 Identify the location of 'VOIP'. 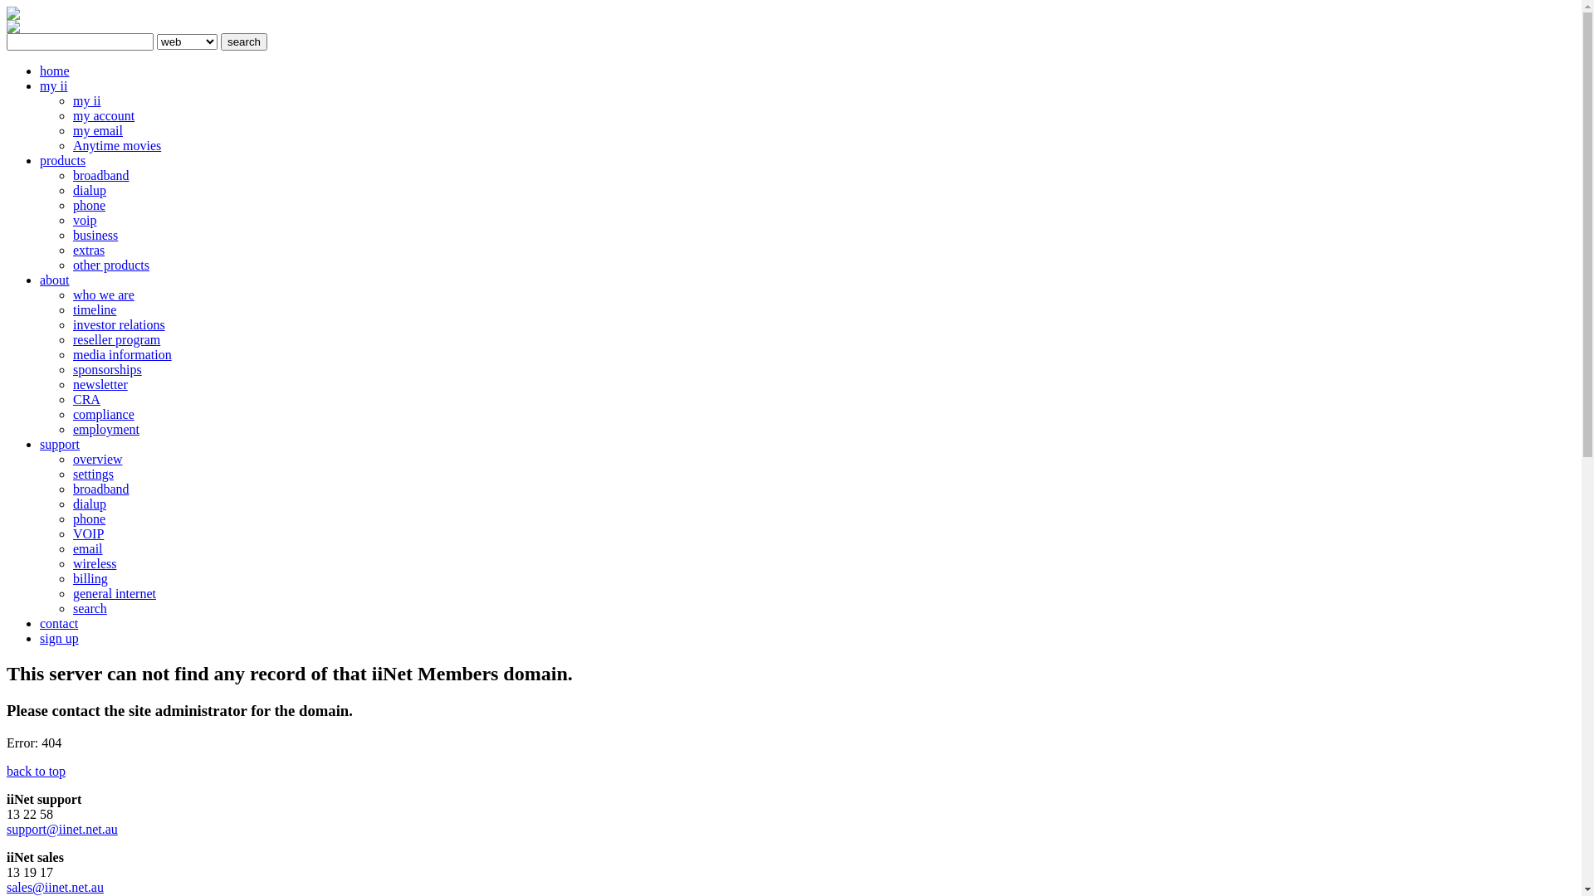
(87, 533).